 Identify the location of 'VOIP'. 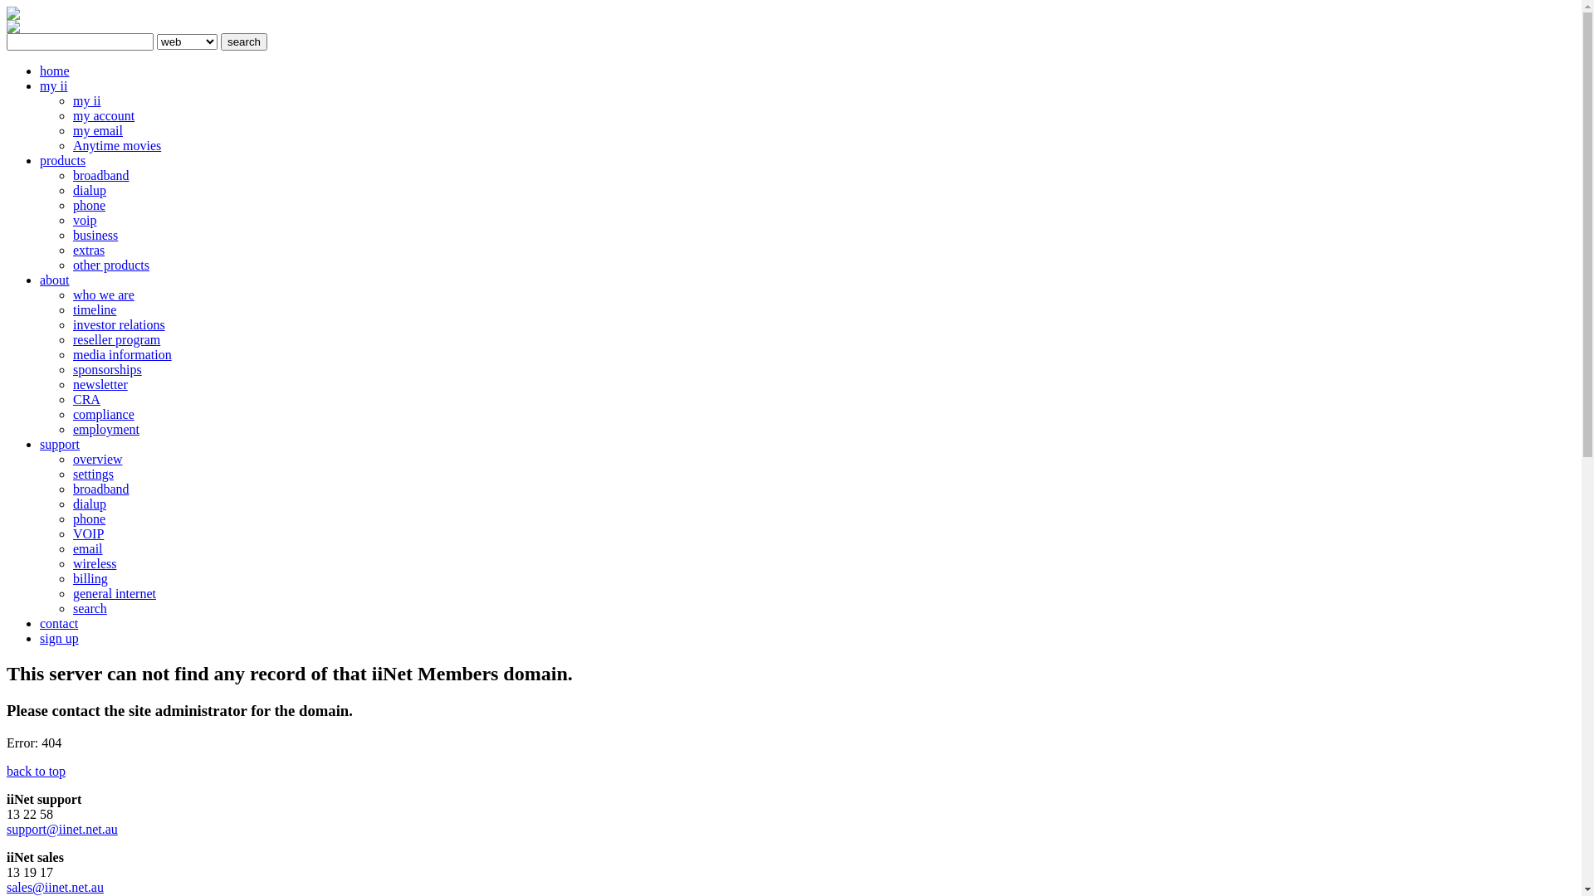
(87, 533).